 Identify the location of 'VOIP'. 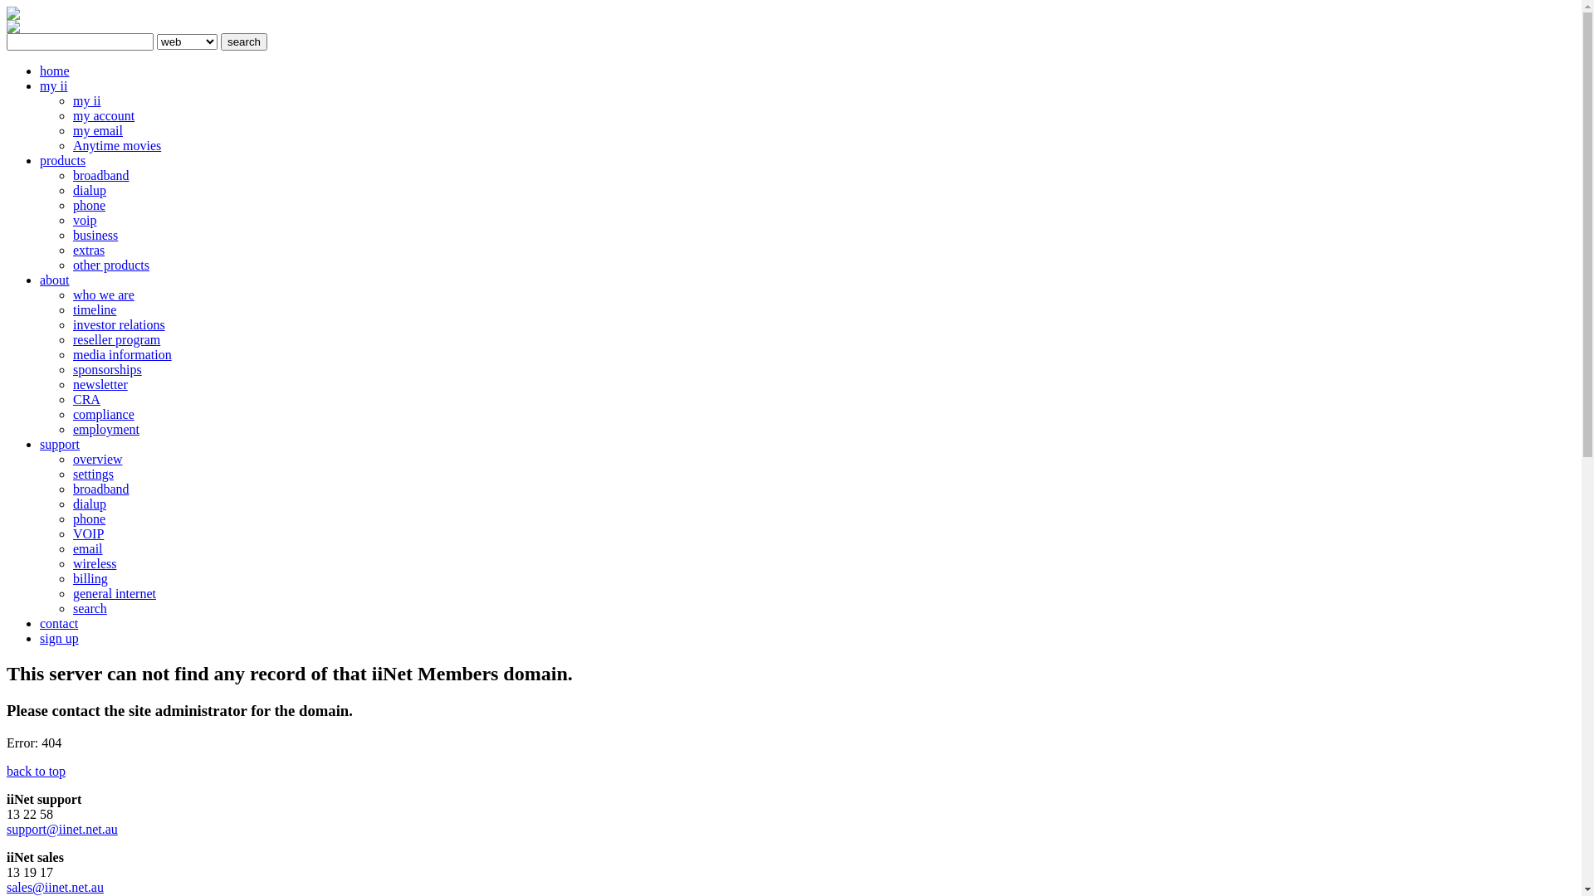
(87, 533).